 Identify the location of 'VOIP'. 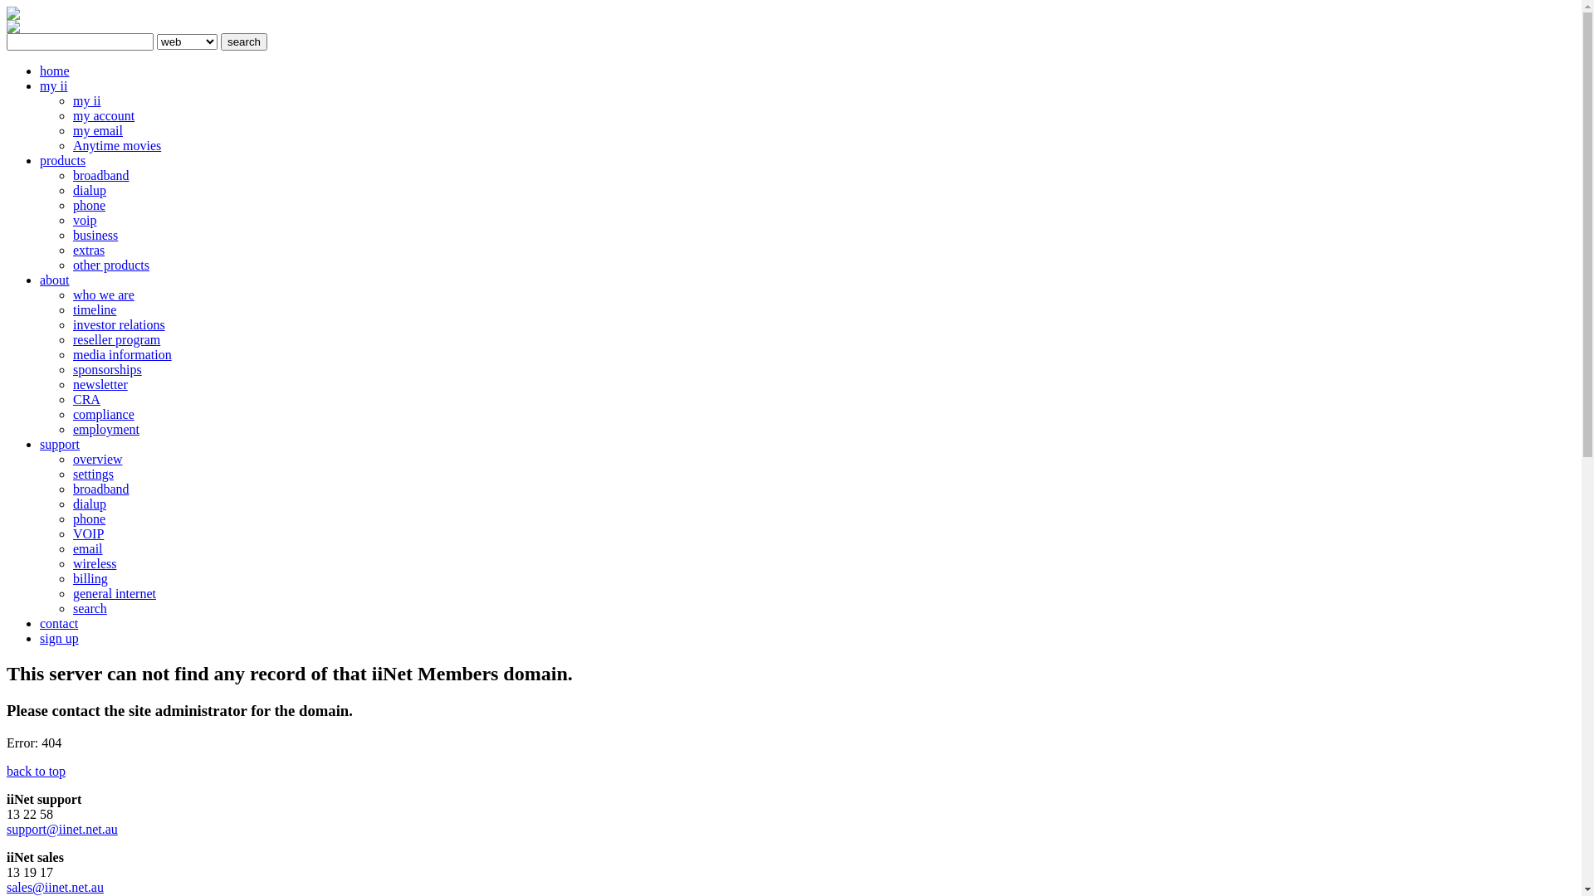
(87, 533).